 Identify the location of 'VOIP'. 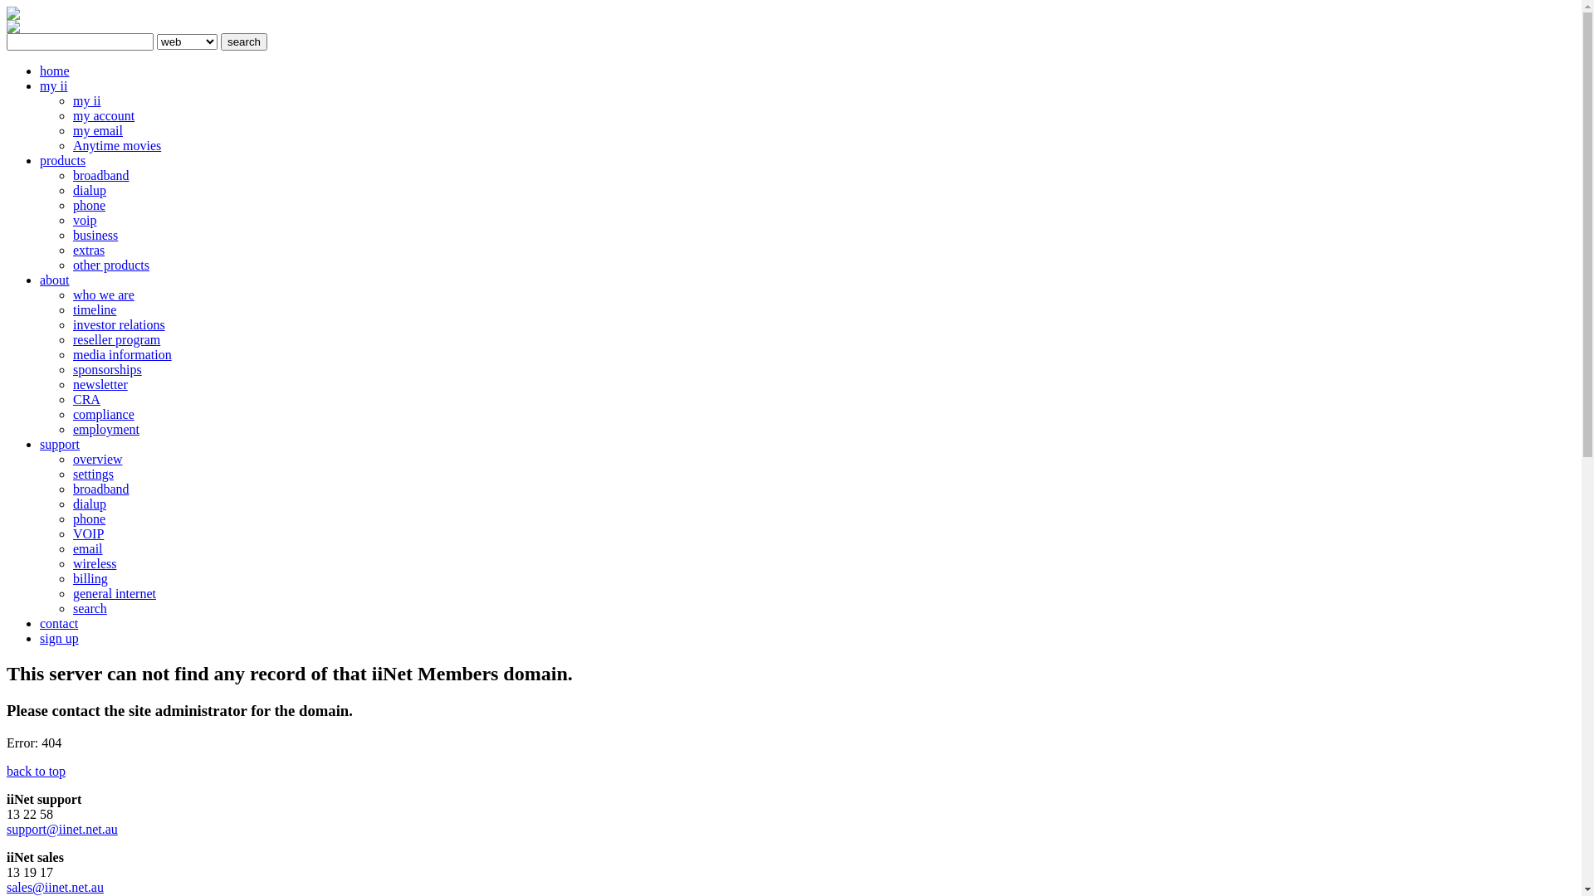
(87, 533).